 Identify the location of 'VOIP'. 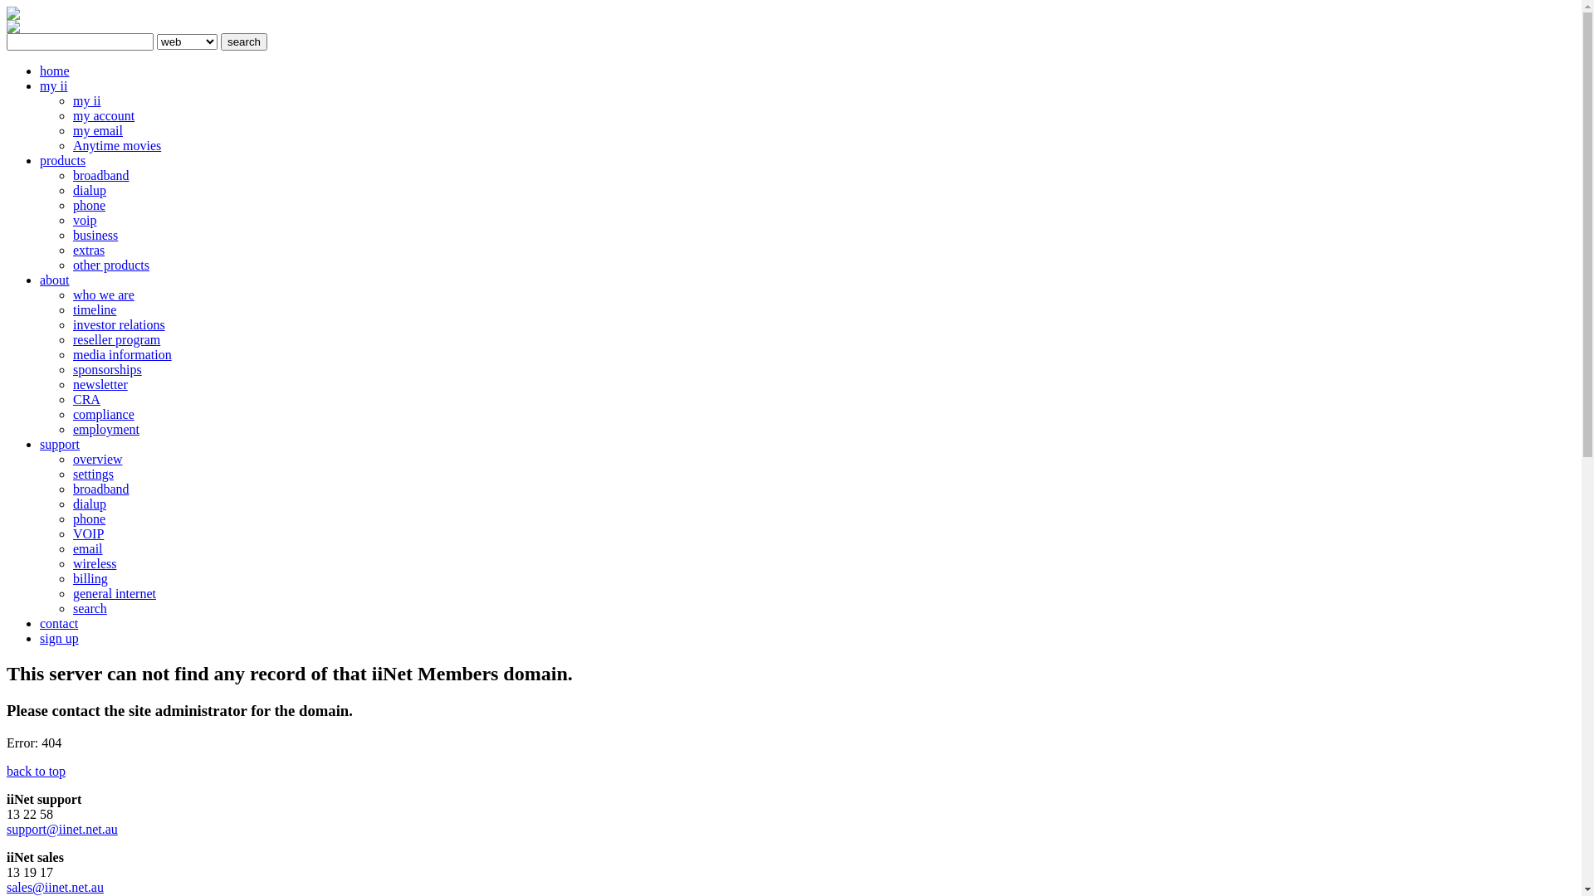
(87, 533).